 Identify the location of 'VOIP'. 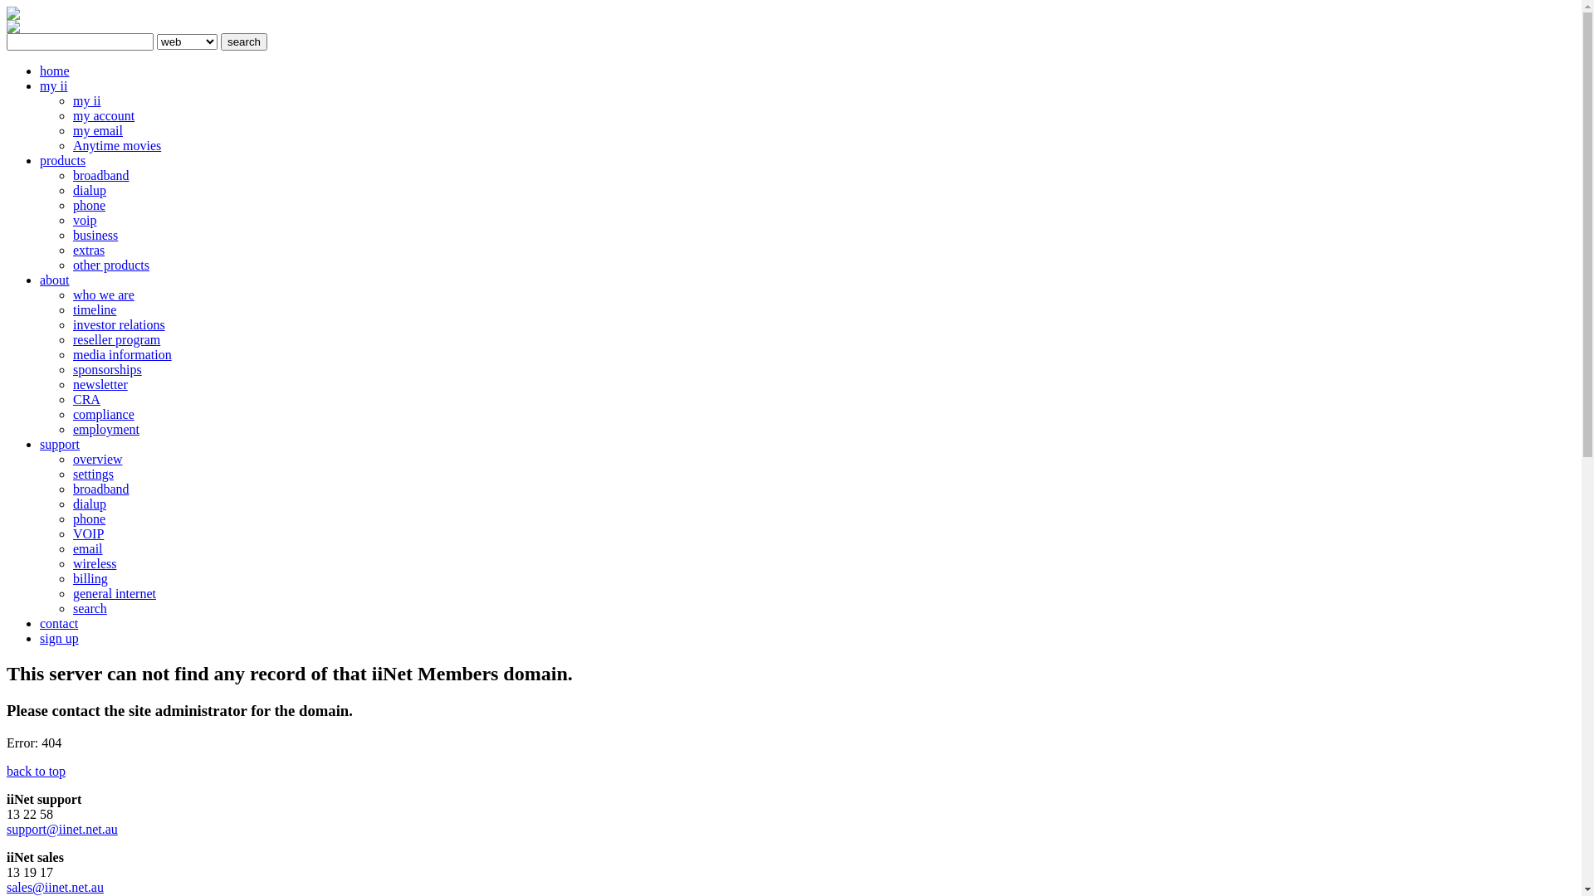
(87, 533).